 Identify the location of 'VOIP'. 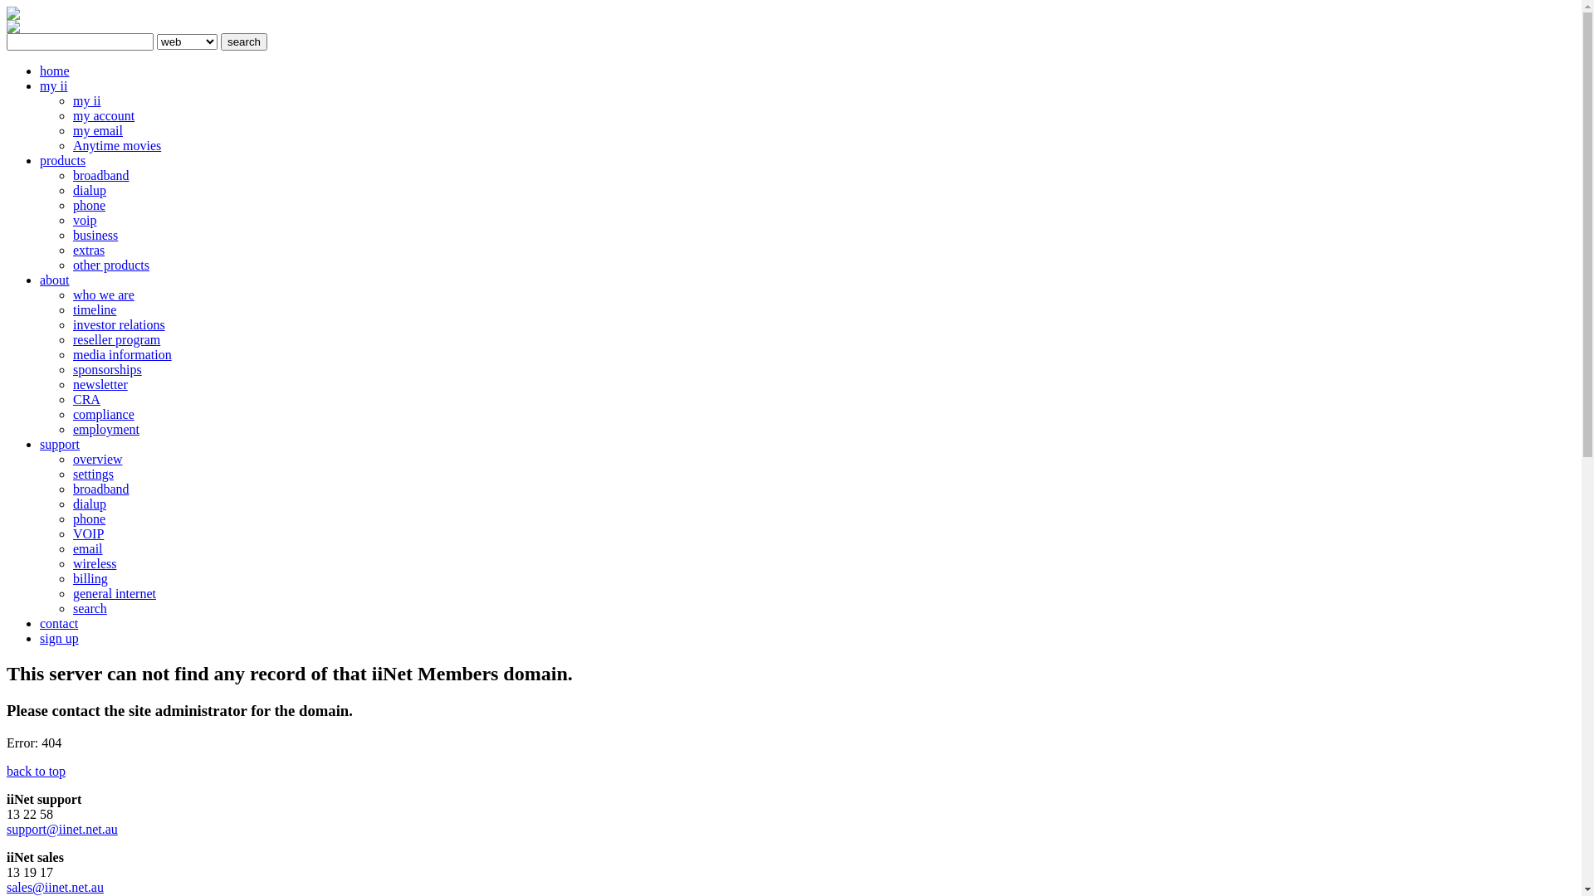
(87, 533).